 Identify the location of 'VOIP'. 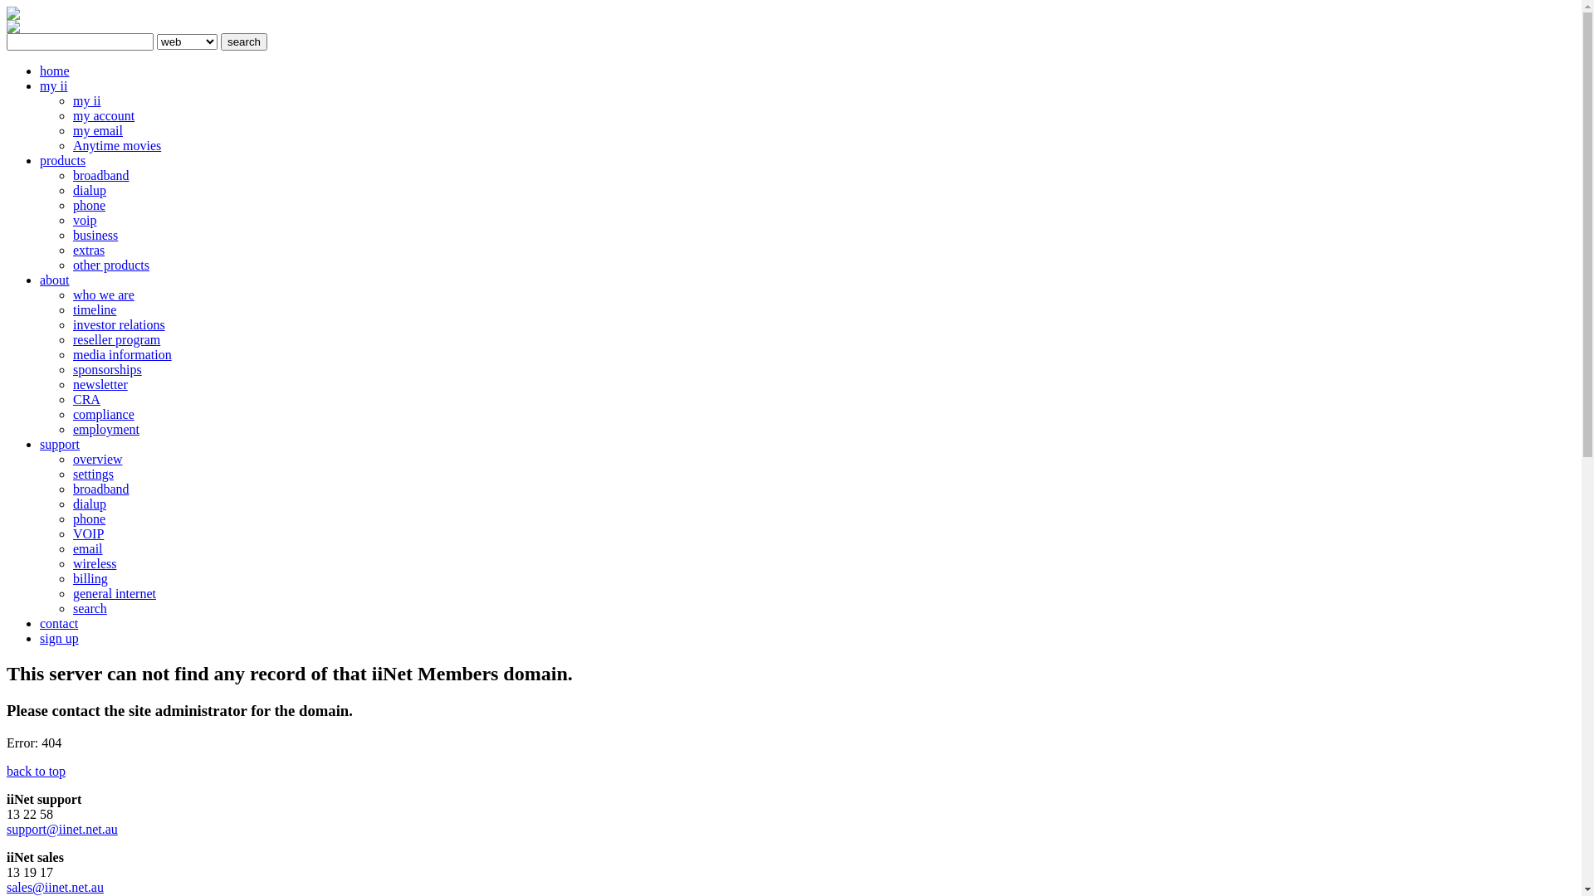
(87, 533).